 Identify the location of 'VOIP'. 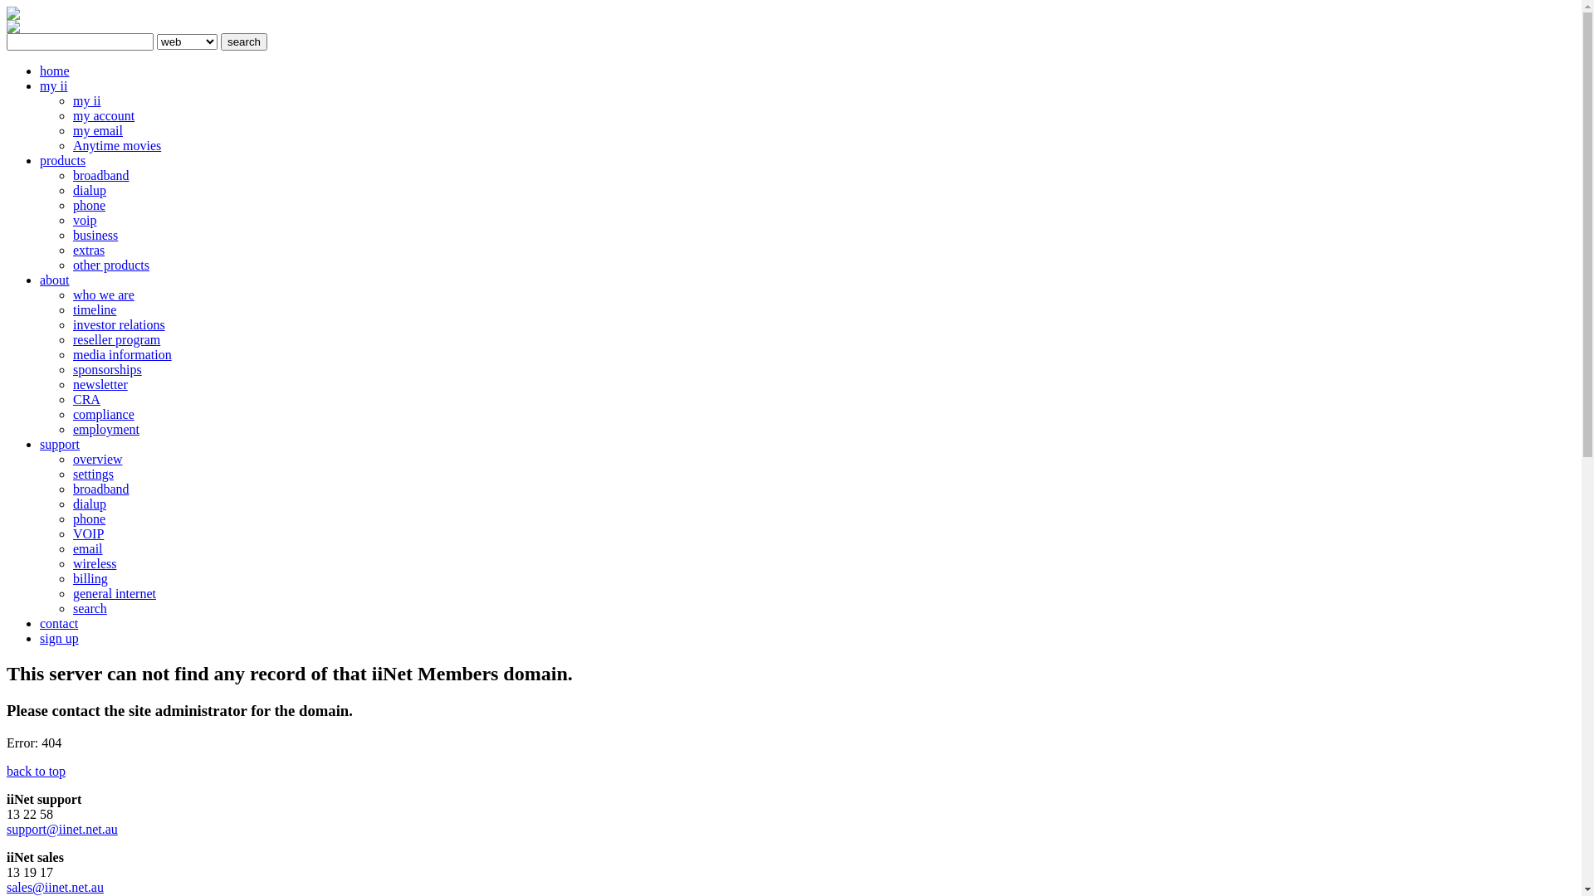
(87, 533).